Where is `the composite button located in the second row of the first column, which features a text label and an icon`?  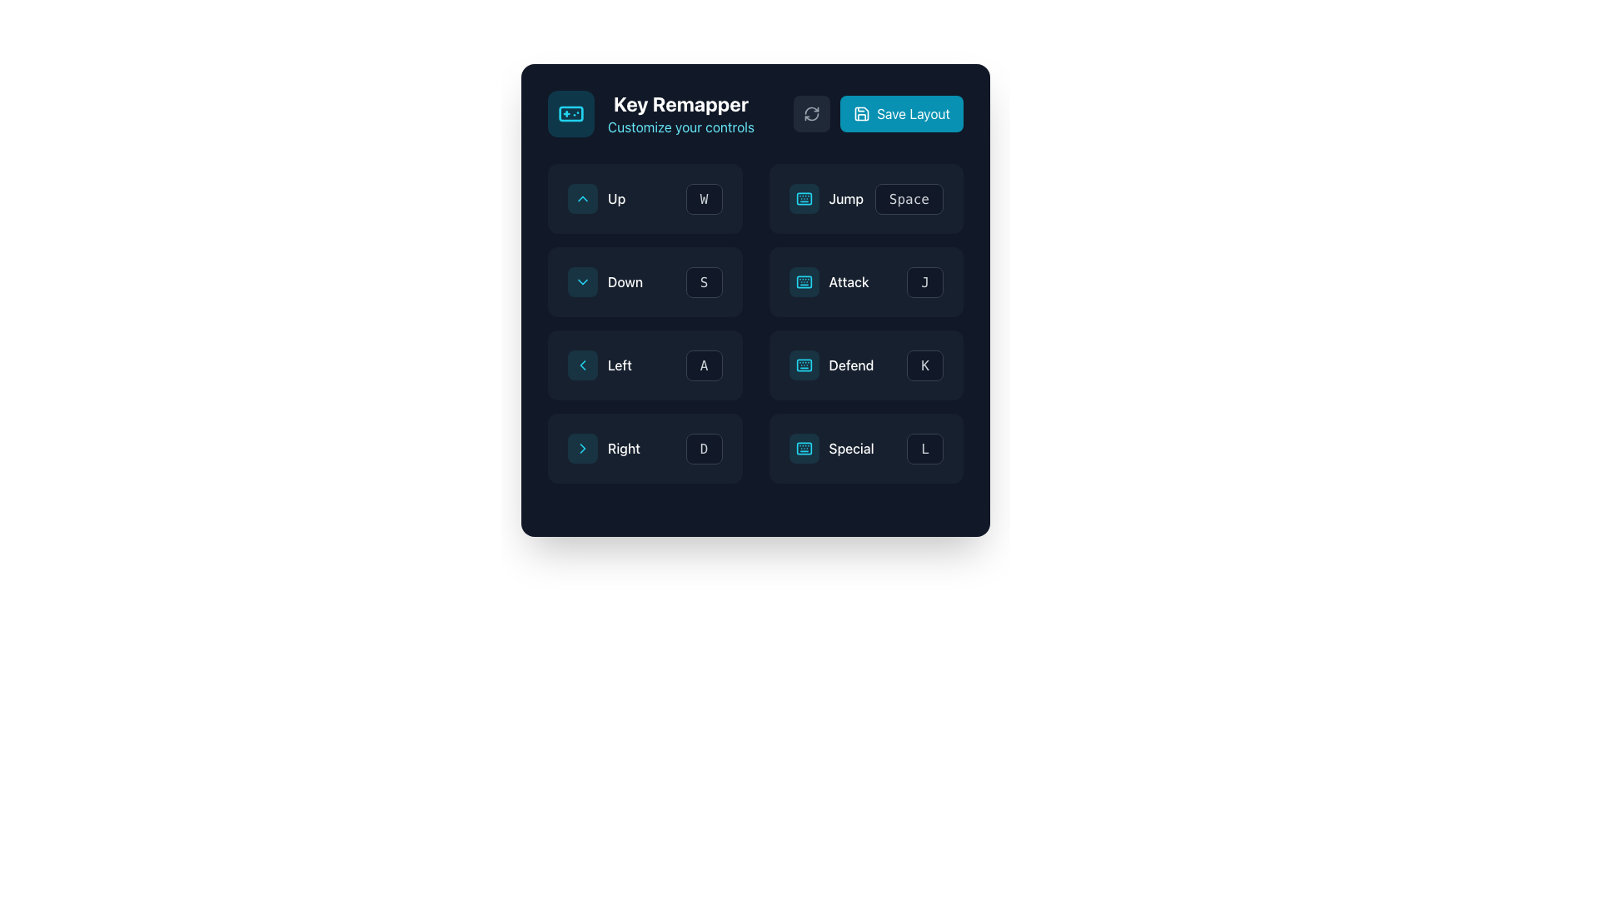
the composite button located in the second row of the first column, which features a text label and an icon is located at coordinates (605, 281).